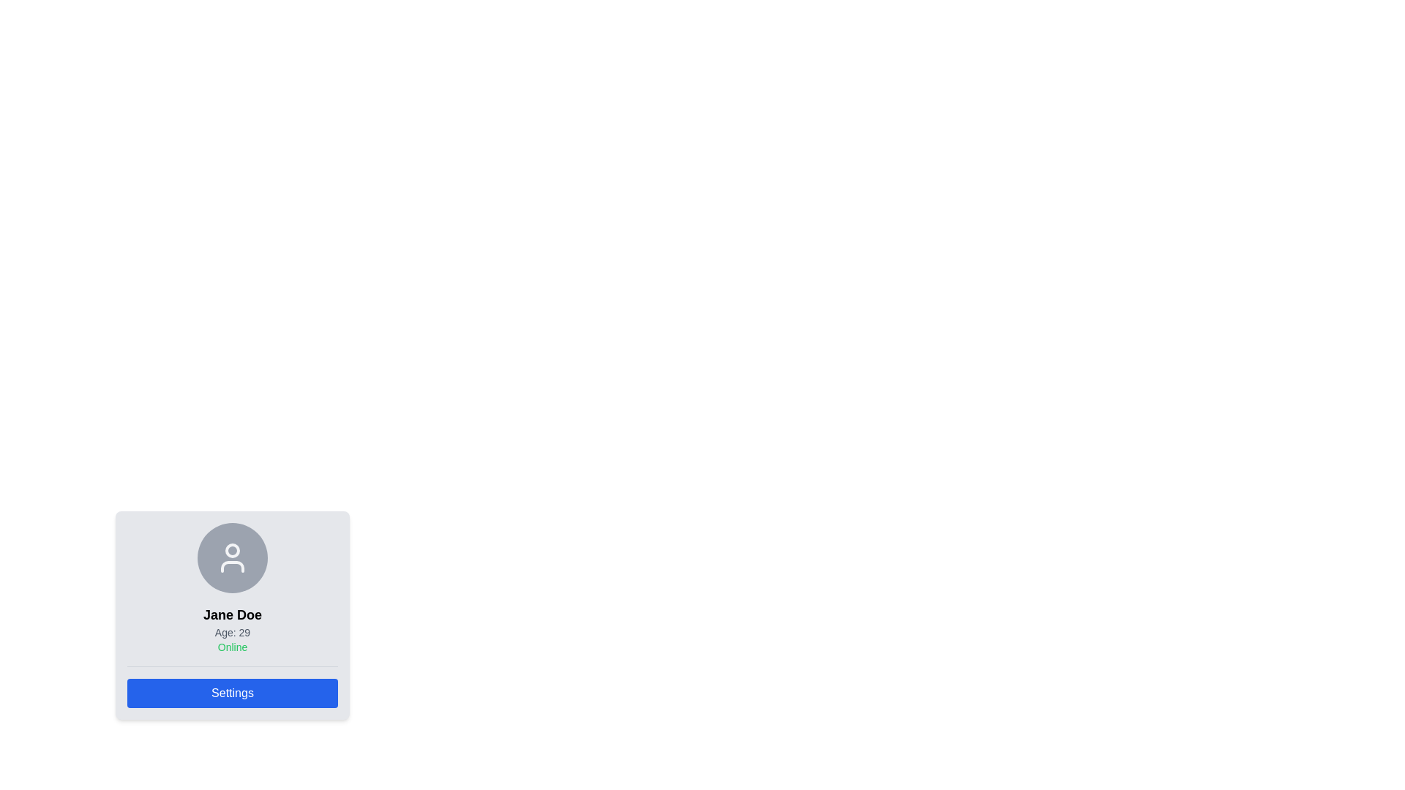  Describe the element at coordinates (231, 693) in the screenshot. I see `the 'Settings' button with a blue background and white bold text located at the bottom of the profile card` at that location.